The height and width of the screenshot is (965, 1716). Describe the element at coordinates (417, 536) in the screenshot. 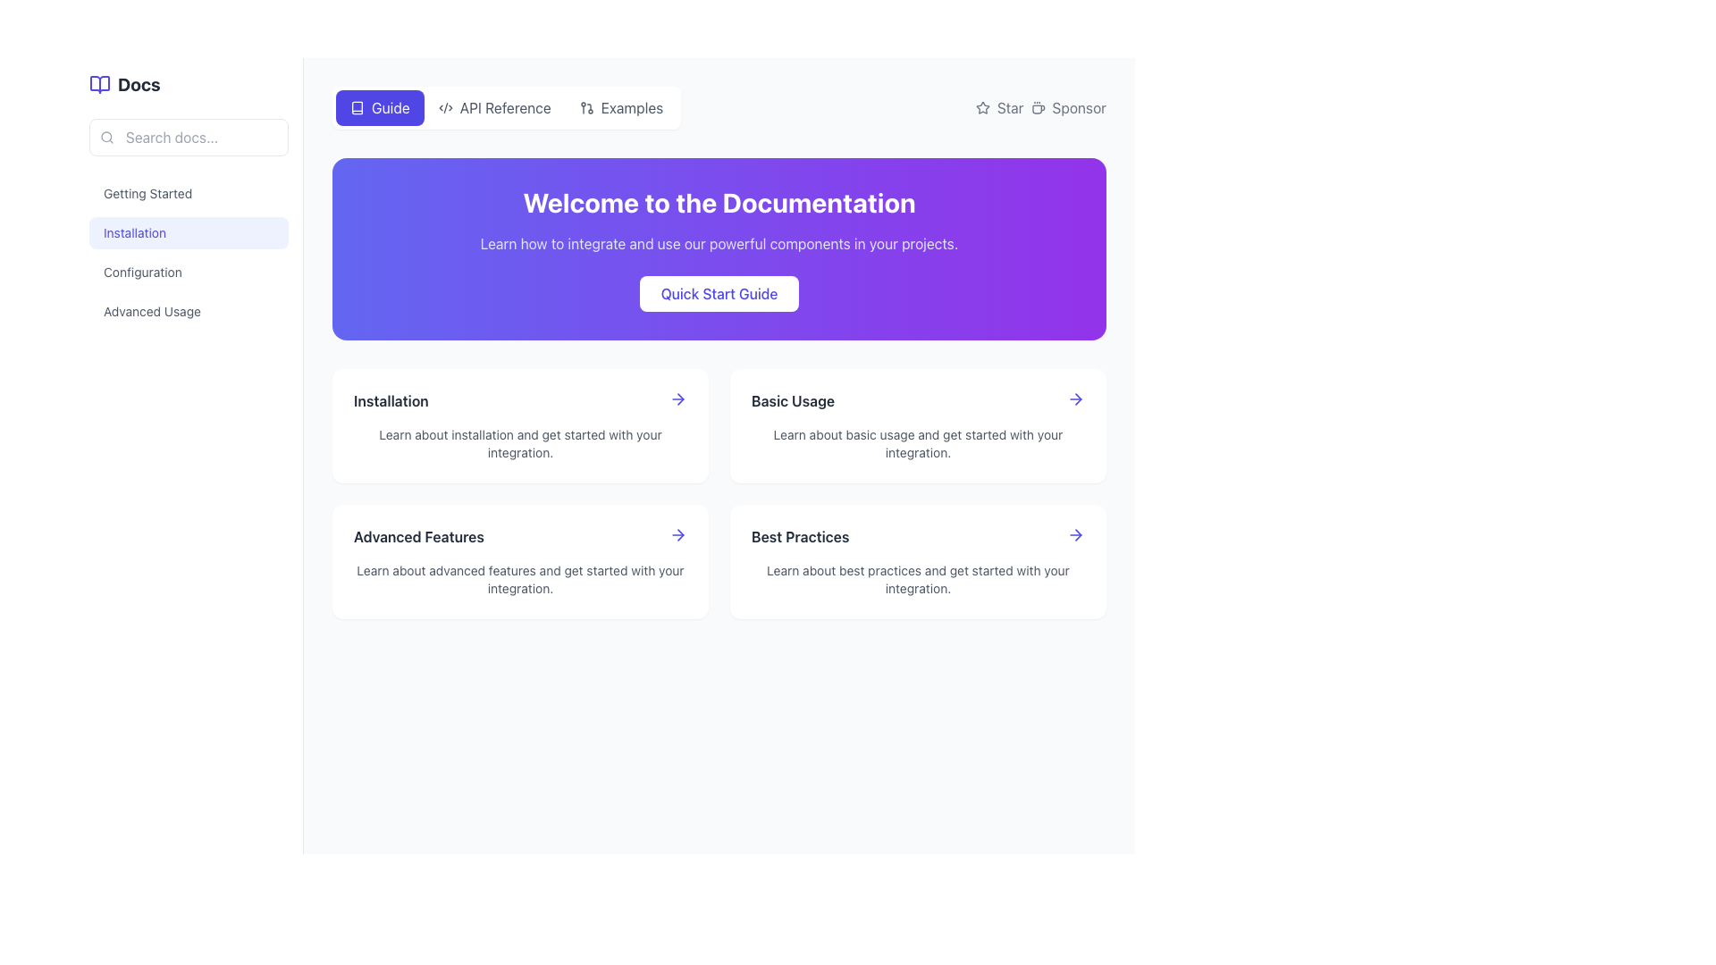

I see `the text label located in the second column of the lower row in the four-tile grid layout, positioned in the upper left part of its tile, next to a rightward arrow icon` at that location.